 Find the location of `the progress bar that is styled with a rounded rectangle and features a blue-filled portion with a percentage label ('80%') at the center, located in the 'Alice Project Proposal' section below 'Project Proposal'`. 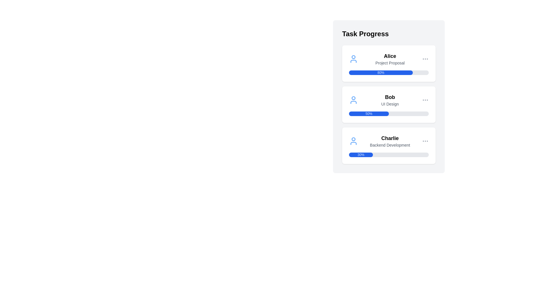

the progress bar that is styled with a rounded rectangle and features a blue-filled portion with a percentage label ('80%') at the center, located in the 'Alice Project Proposal' section below 'Project Proposal' is located at coordinates (388, 72).